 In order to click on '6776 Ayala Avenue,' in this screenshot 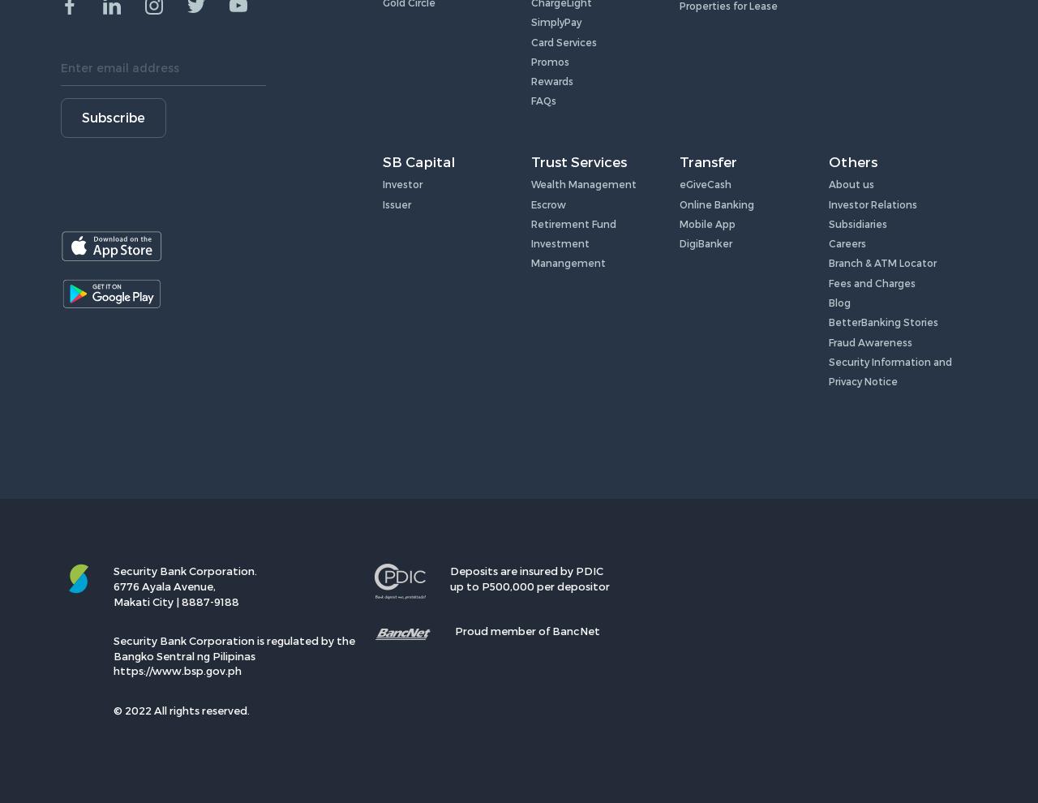, I will do `click(113, 585)`.